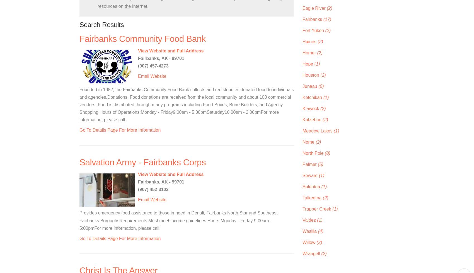 The width and height of the screenshot is (474, 273). I want to click on 'Seward', so click(311, 175).